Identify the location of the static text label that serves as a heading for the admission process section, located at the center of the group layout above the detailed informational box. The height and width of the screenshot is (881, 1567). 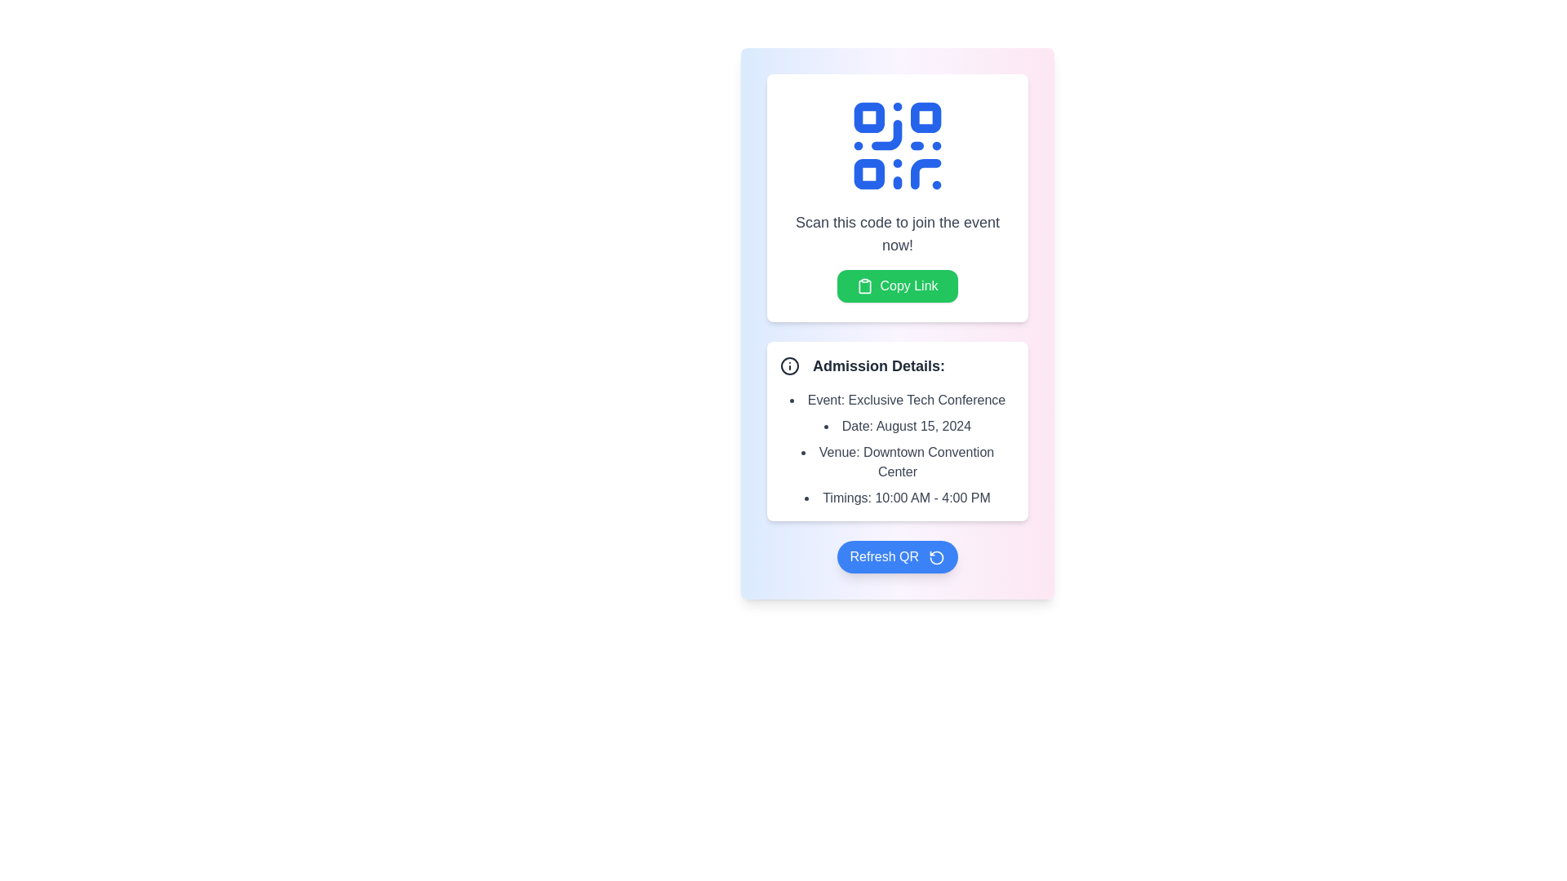
(877, 365).